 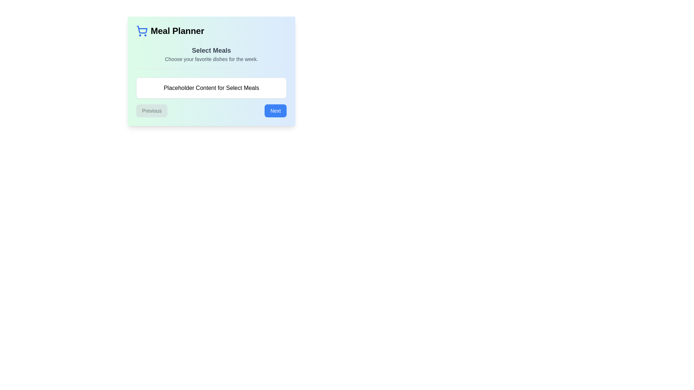 I want to click on the shopping cart icon located at the top left of the 'Meal Planner' panel, so click(x=142, y=29).